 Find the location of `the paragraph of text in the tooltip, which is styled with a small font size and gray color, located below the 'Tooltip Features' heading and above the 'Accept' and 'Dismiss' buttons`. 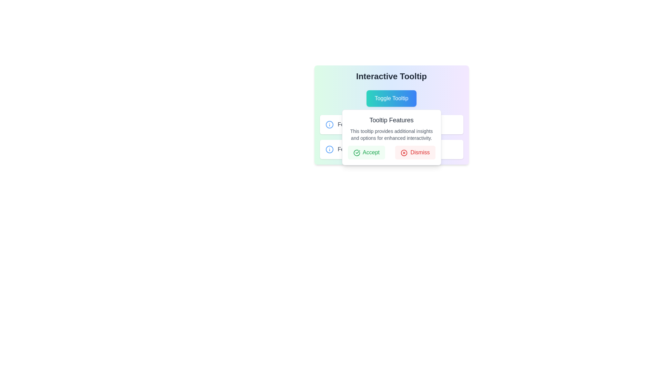

the paragraph of text in the tooltip, which is styled with a small font size and gray color, located below the 'Tooltip Features' heading and above the 'Accept' and 'Dismiss' buttons is located at coordinates (391, 134).